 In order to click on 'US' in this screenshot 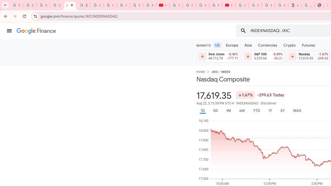, I will do `click(217, 45)`.